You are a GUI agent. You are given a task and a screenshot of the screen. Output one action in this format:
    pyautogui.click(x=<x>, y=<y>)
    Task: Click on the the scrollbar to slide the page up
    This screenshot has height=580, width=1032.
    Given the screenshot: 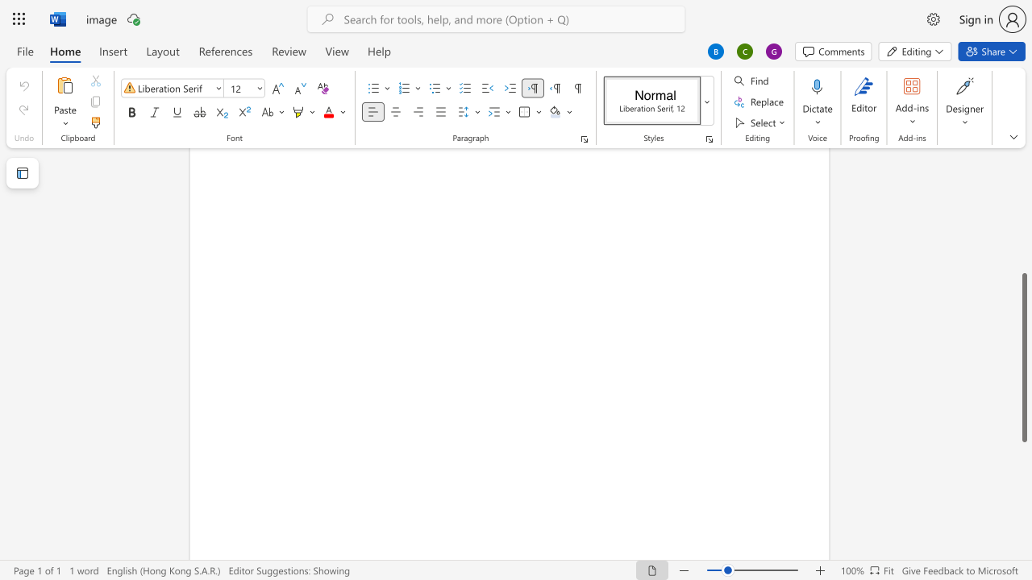 What is the action you would take?
    pyautogui.click(x=1023, y=242)
    